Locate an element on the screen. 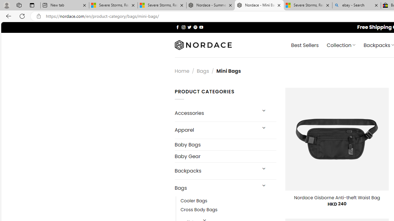 Image resolution: width=394 pixels, height=221 pixels. 'Follow on Facebook' is located at coordinates (177, 27).